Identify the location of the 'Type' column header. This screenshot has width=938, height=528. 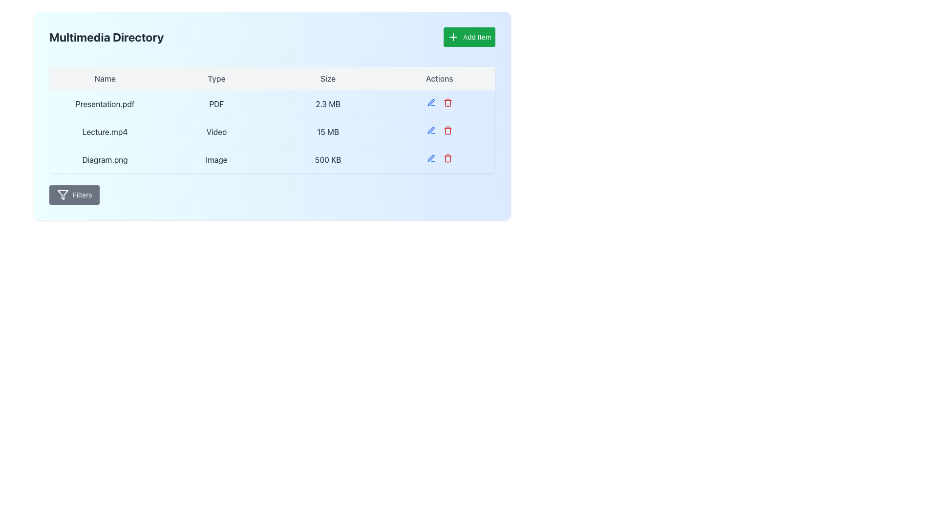
(216, 78).